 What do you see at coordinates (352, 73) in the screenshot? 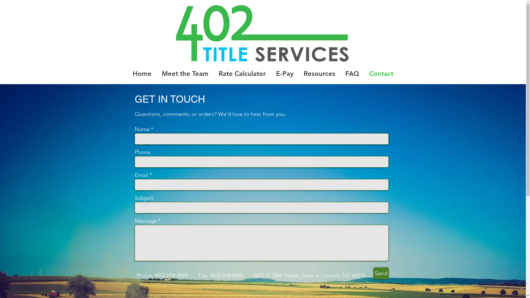
I see `'FAQ'` at bounding box center [352, 73].